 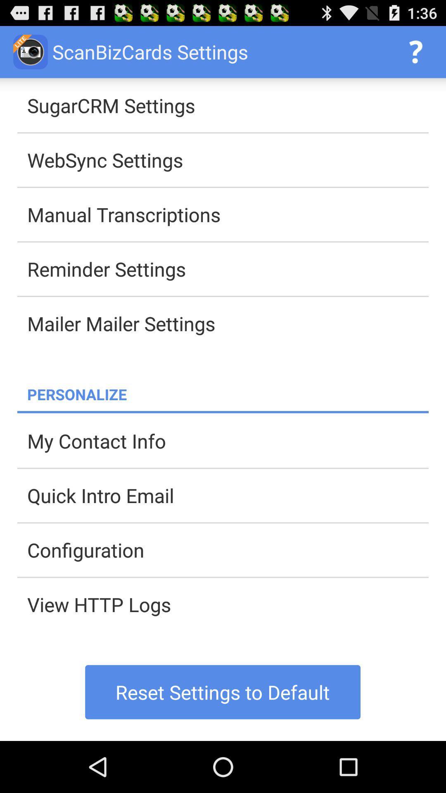 I want to click on the app above the manual transcriptions item, so click(x=228, y=160).